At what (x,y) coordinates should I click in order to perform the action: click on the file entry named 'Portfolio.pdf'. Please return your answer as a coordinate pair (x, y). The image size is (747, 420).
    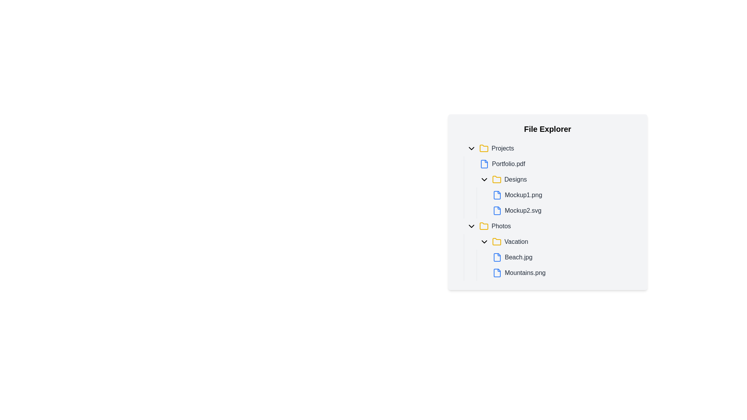
    Looking at the image, I should click on (556, 163).